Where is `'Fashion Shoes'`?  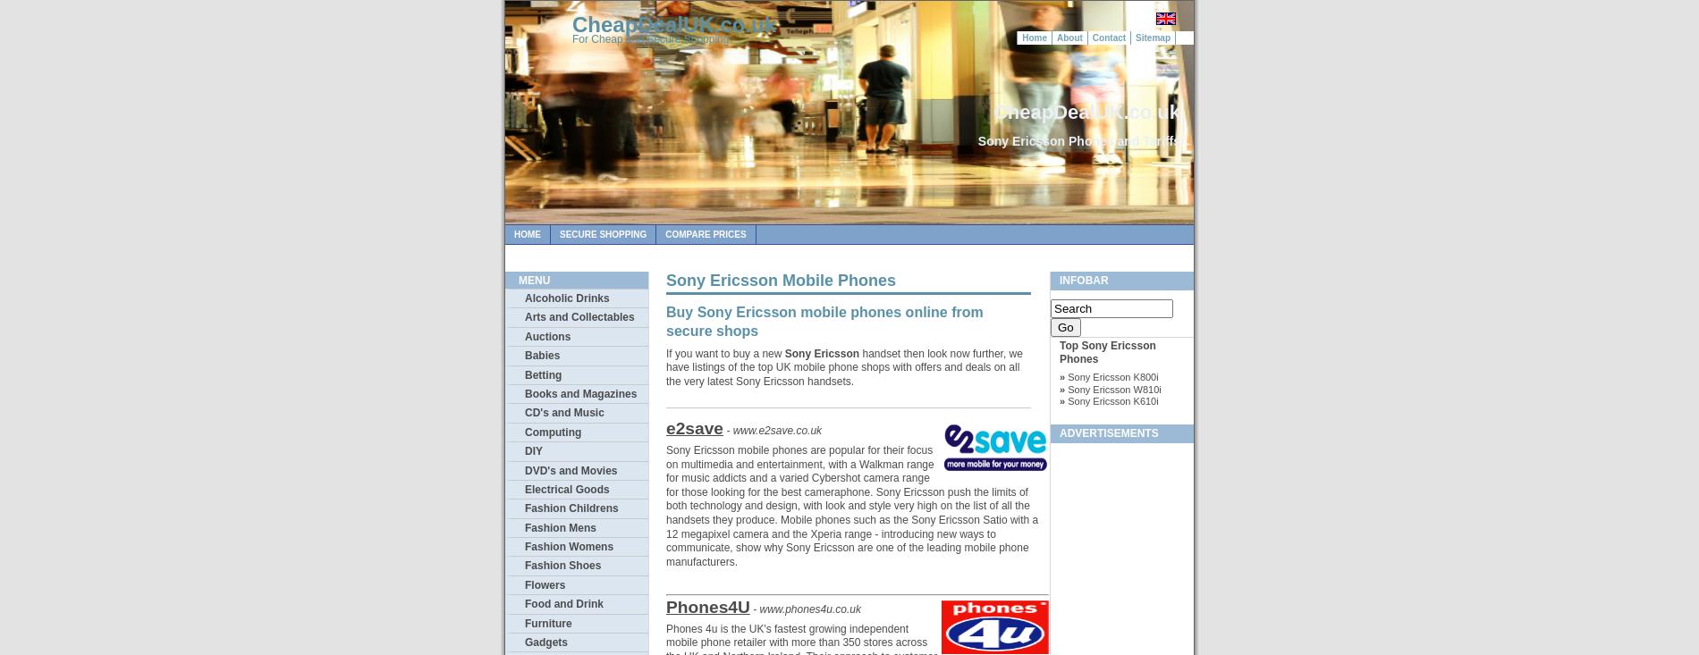
'Fashion Shoes' is located at coordinates (562, 565).